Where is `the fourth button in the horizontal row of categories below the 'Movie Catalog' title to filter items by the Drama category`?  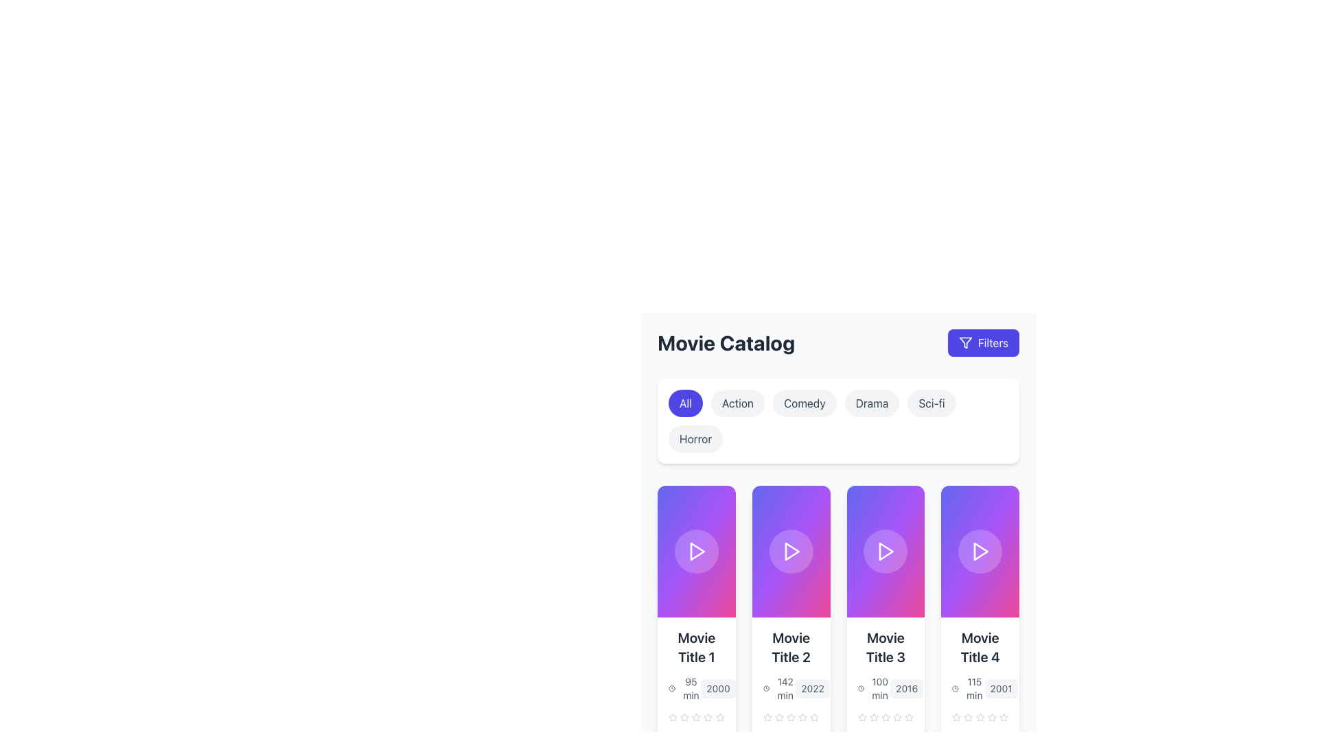 the fourth button in the horizontal row of categories below the 'Movie Catalog' title to filter items by the Drama category is located at coordinates (871, 402).